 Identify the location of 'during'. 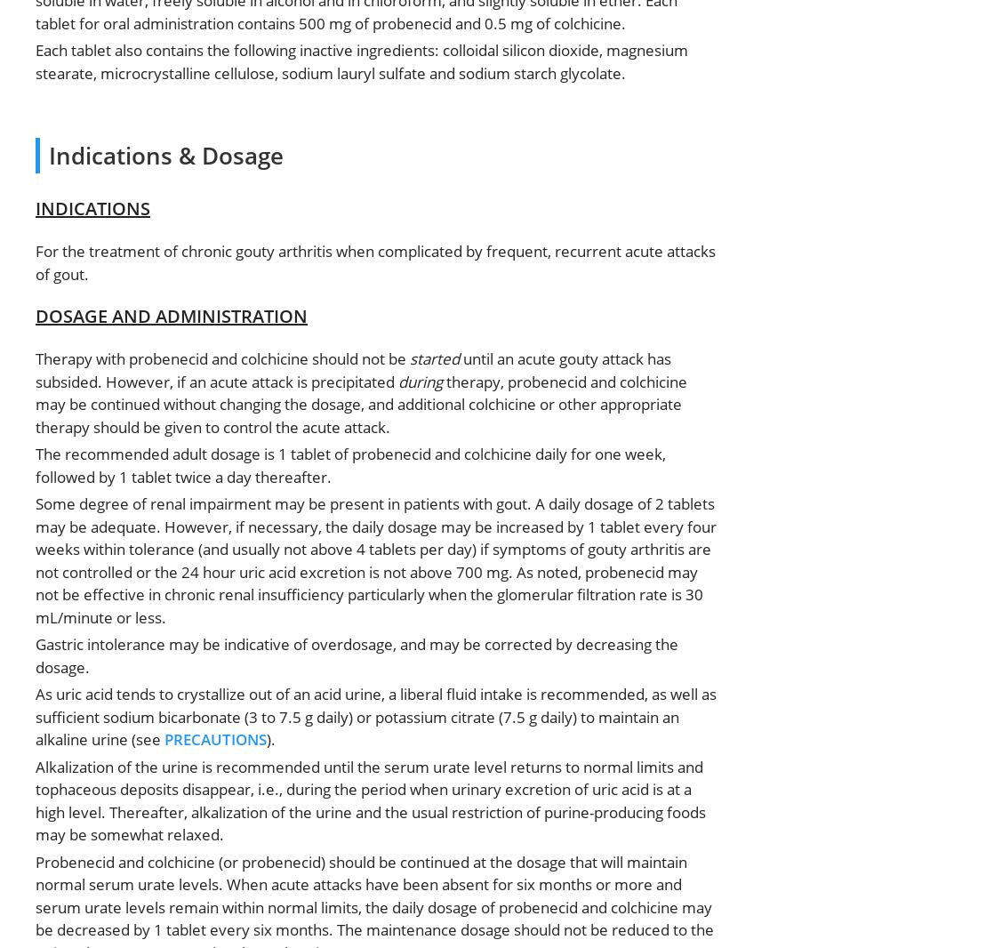
(420, 381).